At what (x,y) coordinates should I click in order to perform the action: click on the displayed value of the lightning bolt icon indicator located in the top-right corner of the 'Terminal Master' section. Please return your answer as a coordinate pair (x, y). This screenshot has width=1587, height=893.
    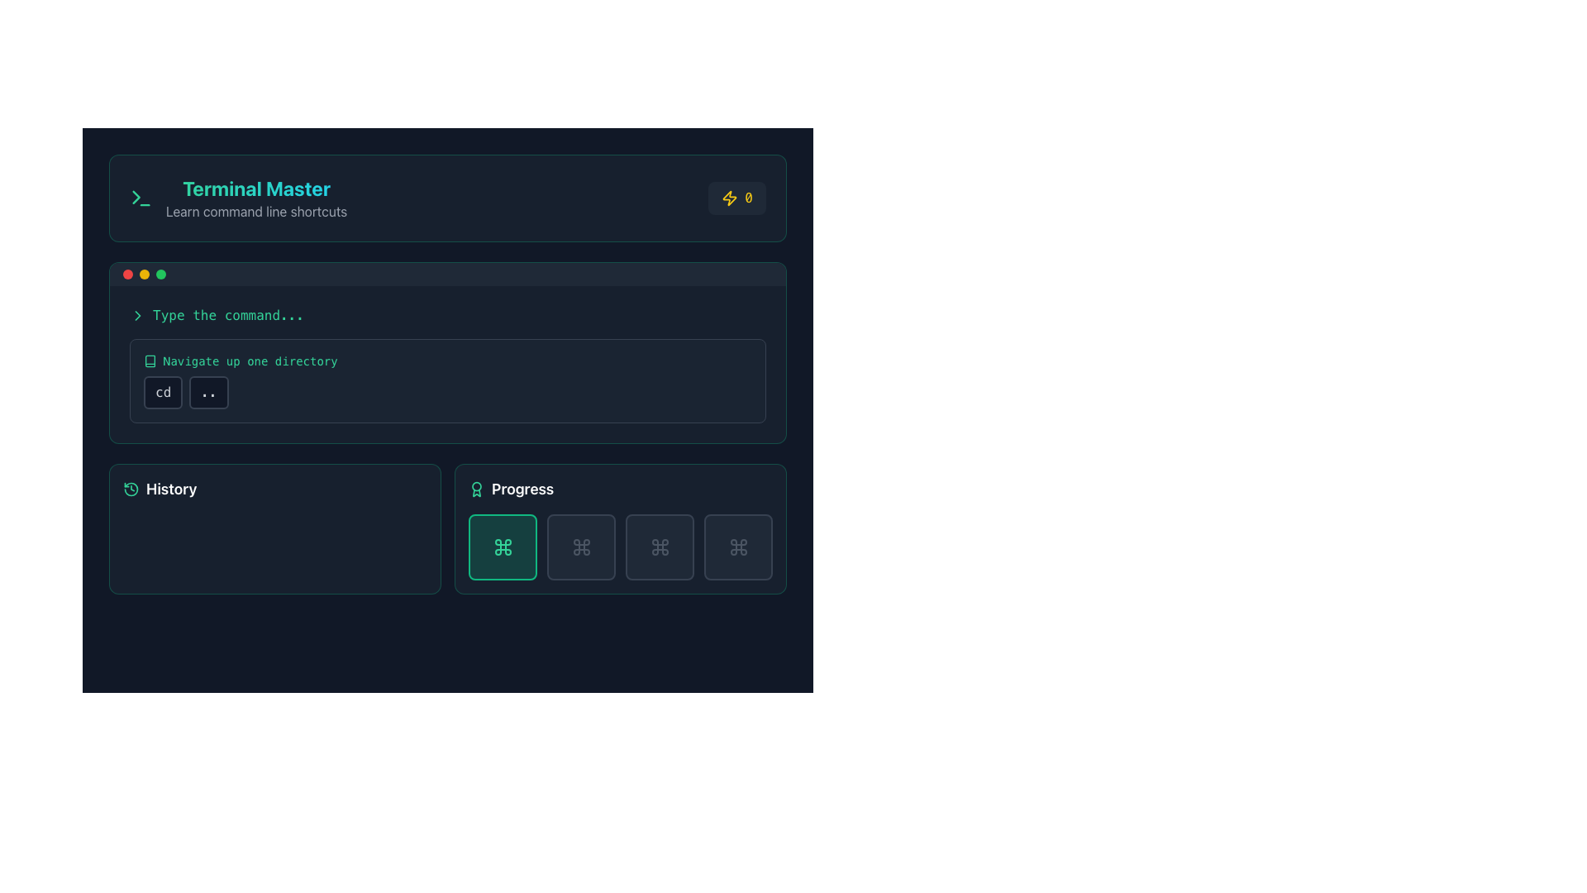
    Looking at the image, I should click on (736, 197).